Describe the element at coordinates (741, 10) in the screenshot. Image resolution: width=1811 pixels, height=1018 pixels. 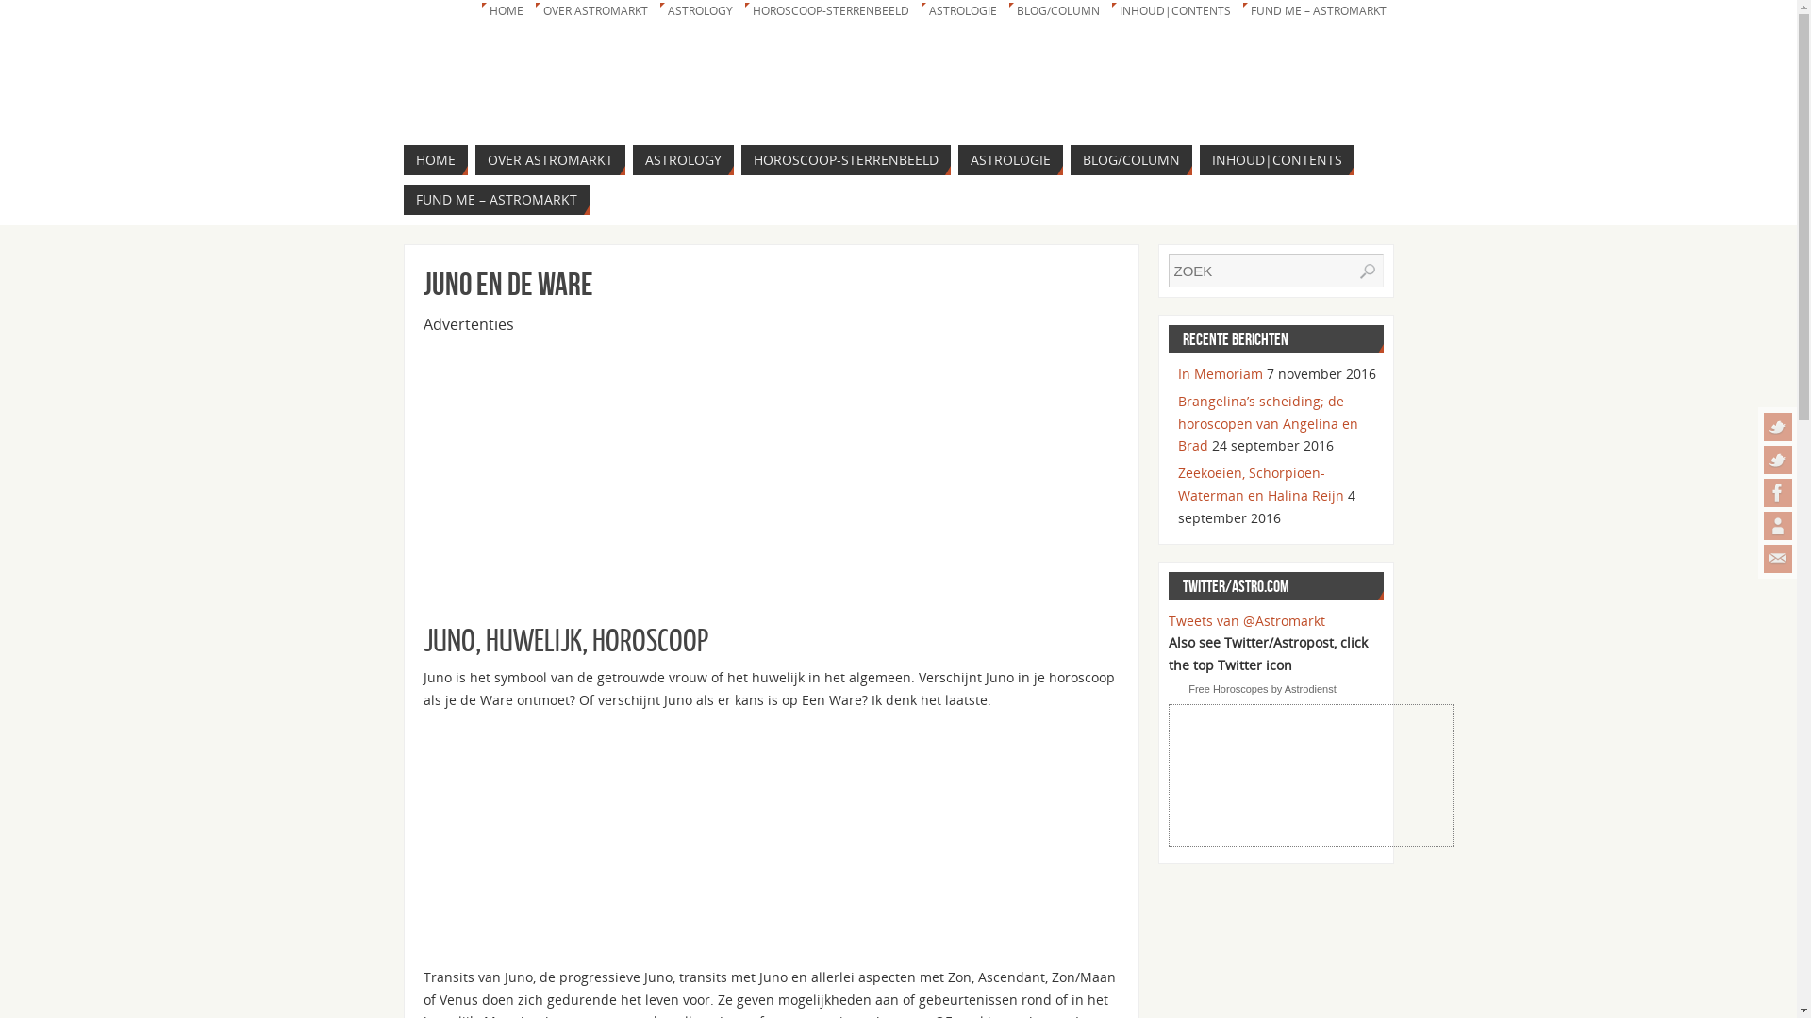
I see `'HOROSCOOP-STERRENBEELD'` at that location.